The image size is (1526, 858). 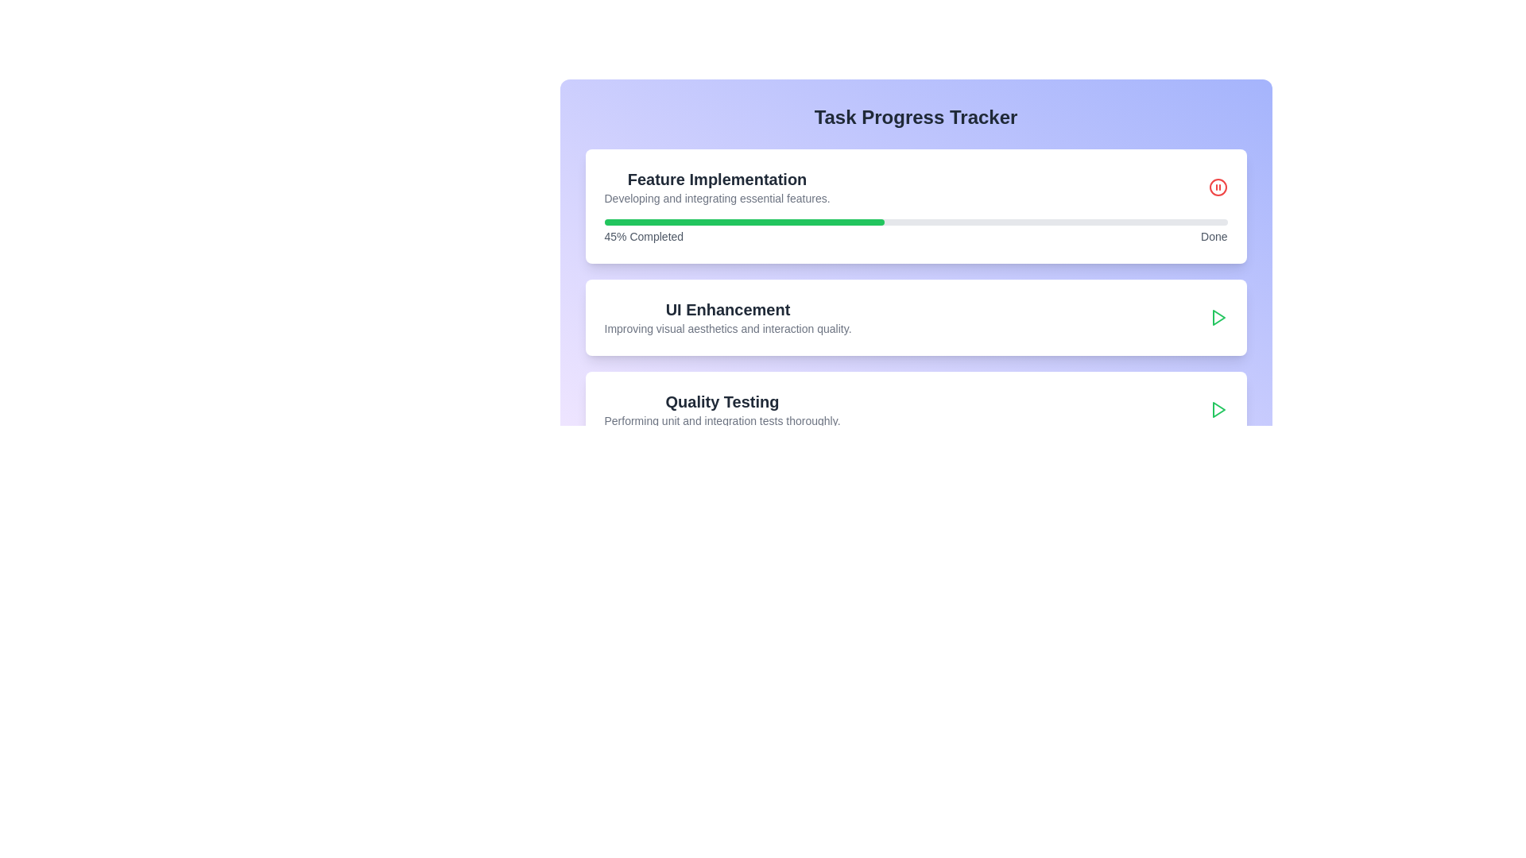 What do you see at coordinates (916, 232) in the screenshot?
I see `the progress bar located under the 'Feature Implementation' section` at bounding box center [916, 232].